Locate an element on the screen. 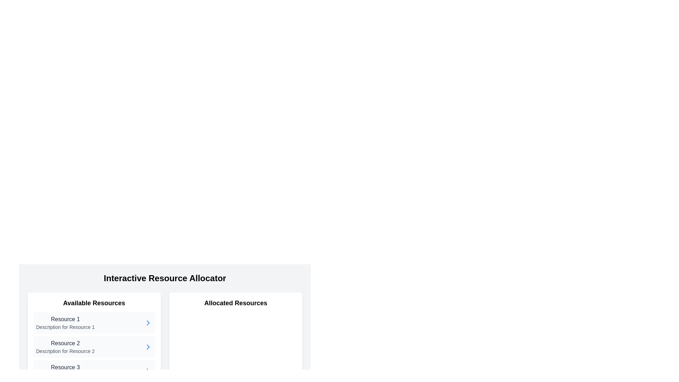 The height and width of the screenshot is (382, 679). the first selectable list item representing a specific resource in the 'Available Resources' section is located at coordinates (94, 323).